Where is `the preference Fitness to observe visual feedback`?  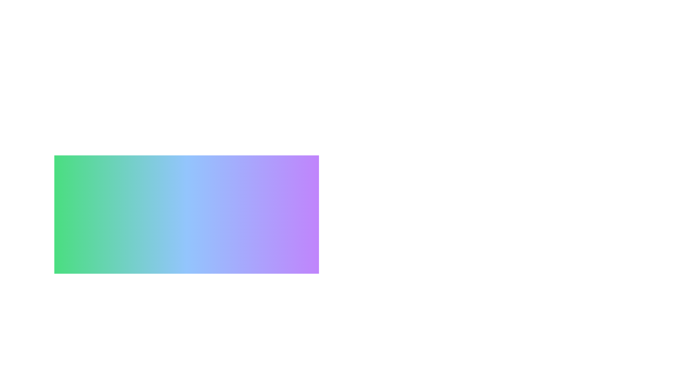
the preference Fitness to observe visual feedback is located at coordinates (132, 367).